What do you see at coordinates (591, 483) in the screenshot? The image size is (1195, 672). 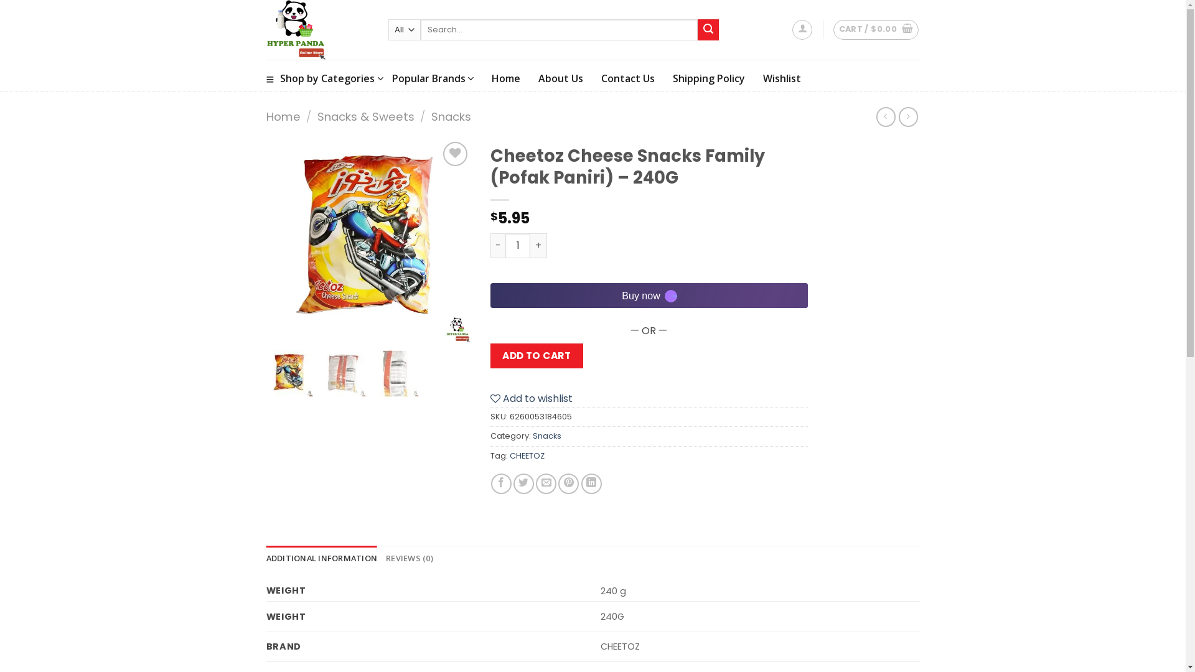 I see `'Share on LinkedIn'` at bounding box center [591, 483].